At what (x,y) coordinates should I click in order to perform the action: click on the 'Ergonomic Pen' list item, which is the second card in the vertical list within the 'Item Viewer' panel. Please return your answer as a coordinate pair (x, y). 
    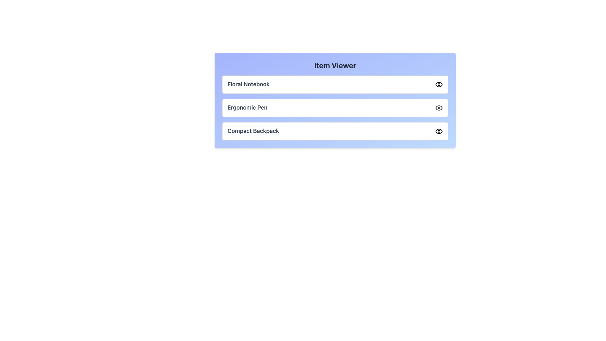
    Looking at the image, I should click on (335, 100).